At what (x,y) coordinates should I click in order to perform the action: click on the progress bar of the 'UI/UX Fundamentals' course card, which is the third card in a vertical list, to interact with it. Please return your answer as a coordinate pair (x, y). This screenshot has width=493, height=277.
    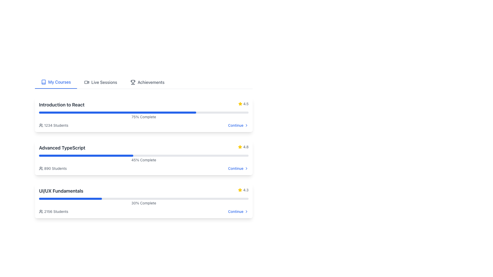
    Looking at the image, I should click on (144, 201).